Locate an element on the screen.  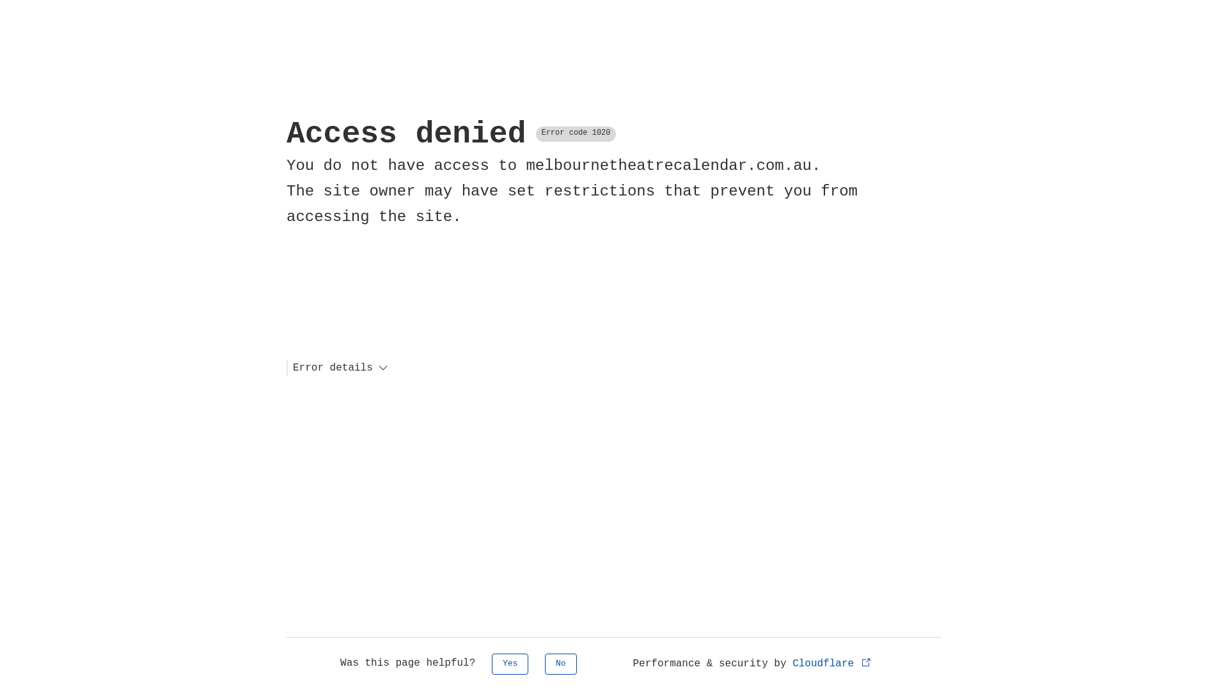
'Opens in new tab' is located at coordinates (866, 661).